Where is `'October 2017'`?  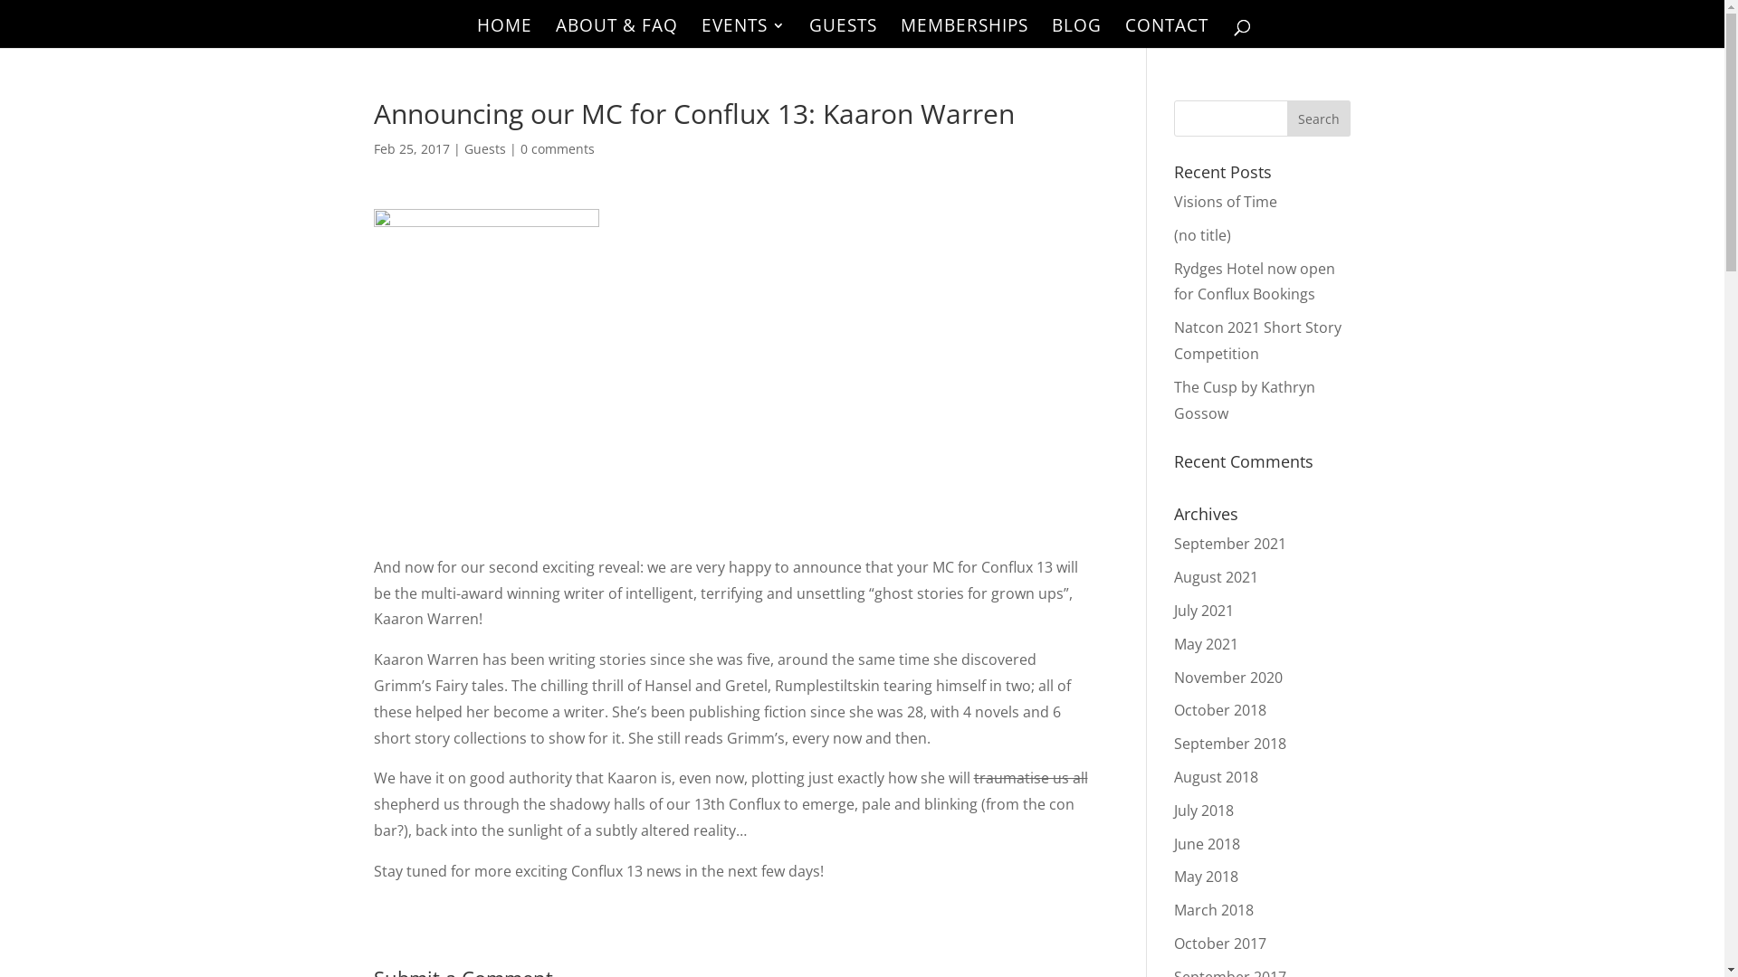
'October 2017' is located at coordinates (1173, 942).